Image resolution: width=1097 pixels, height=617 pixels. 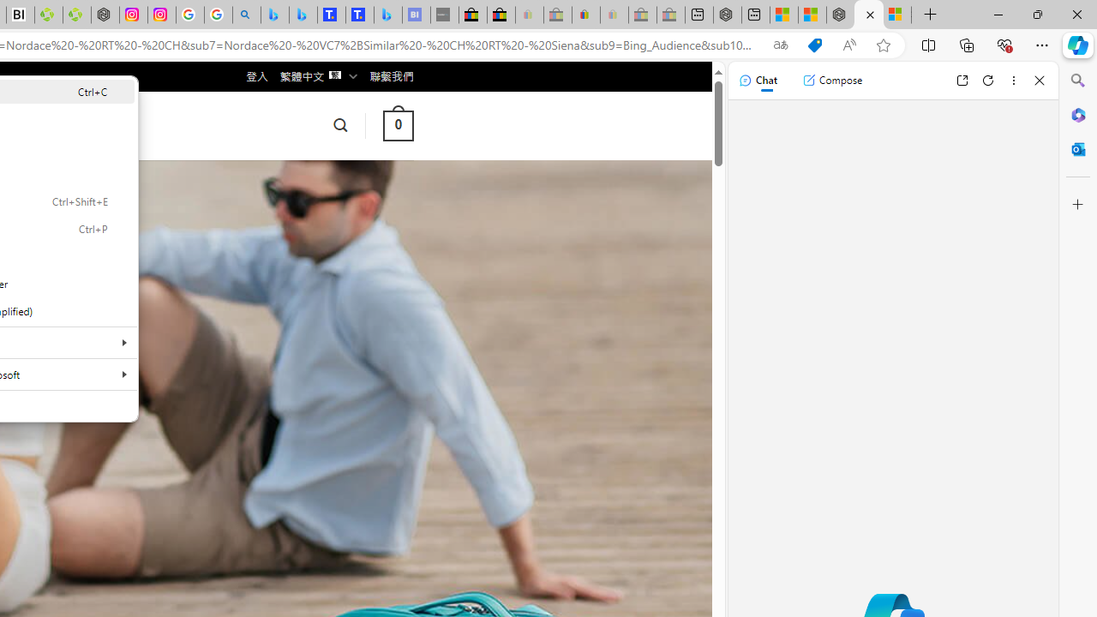 I want to click on 'Nordace - Nordace Edin Collection', so click(x=105, y=15).